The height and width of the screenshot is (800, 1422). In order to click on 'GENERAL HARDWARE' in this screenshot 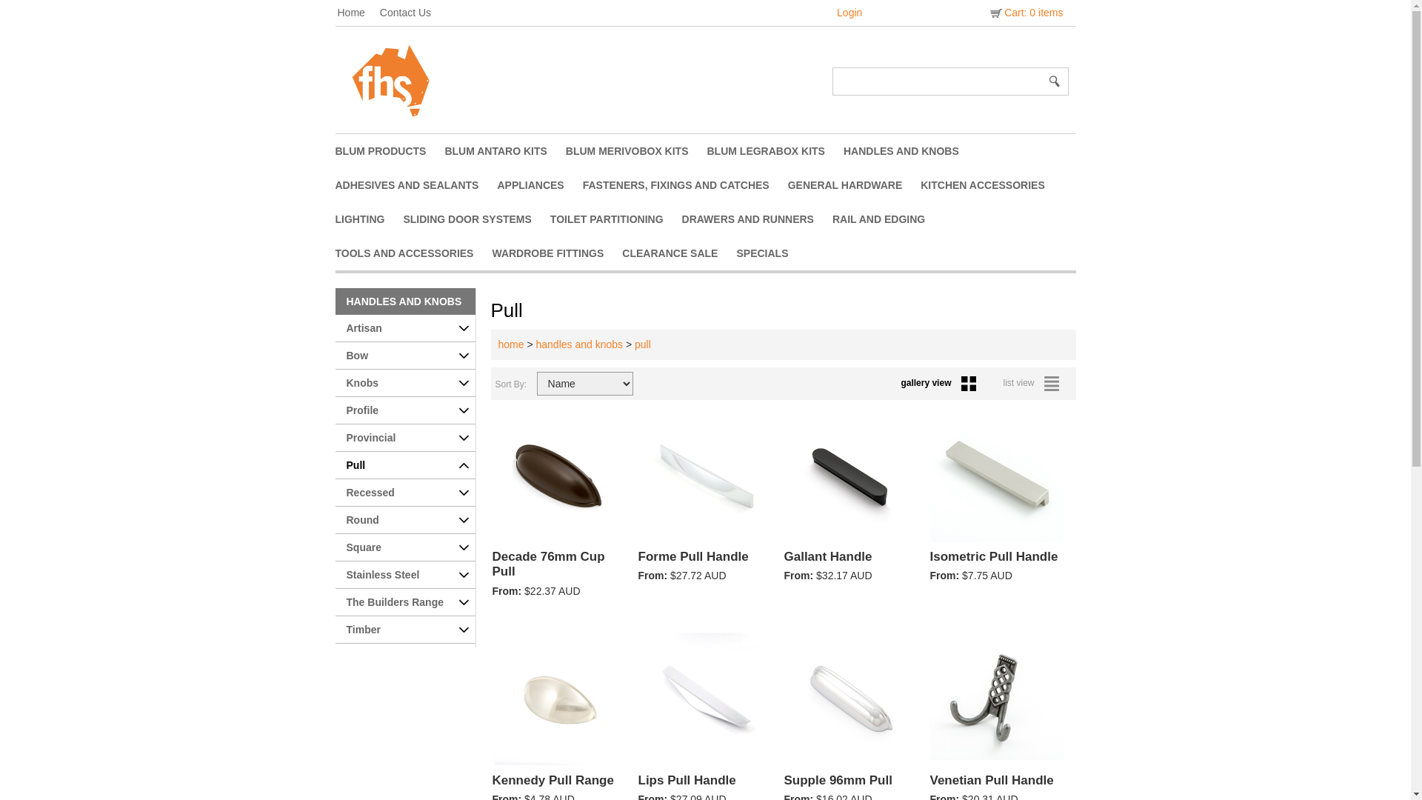, I will do `click(854, 184)`.